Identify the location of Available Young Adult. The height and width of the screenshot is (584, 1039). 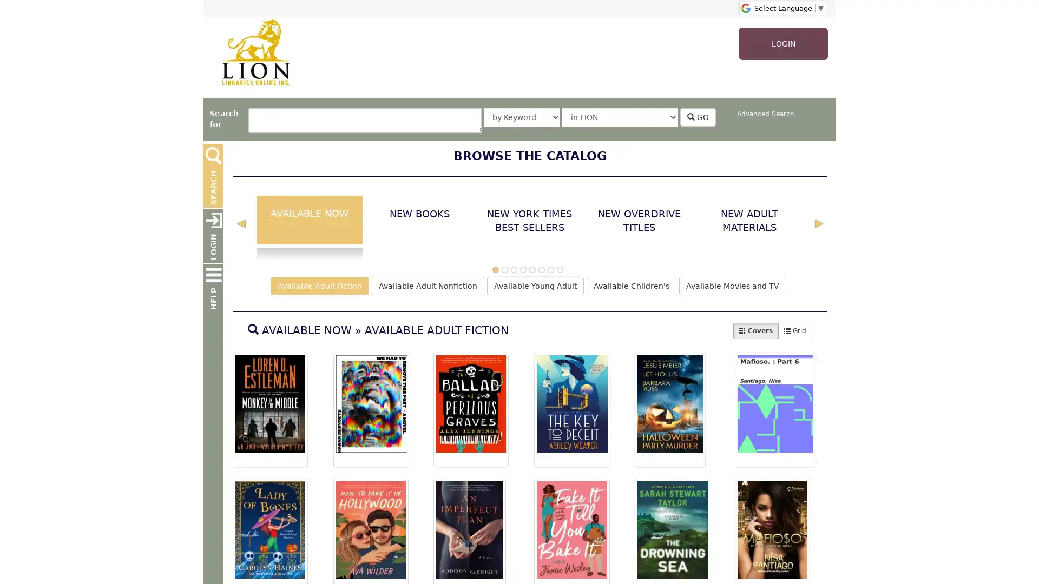
(535, 285).